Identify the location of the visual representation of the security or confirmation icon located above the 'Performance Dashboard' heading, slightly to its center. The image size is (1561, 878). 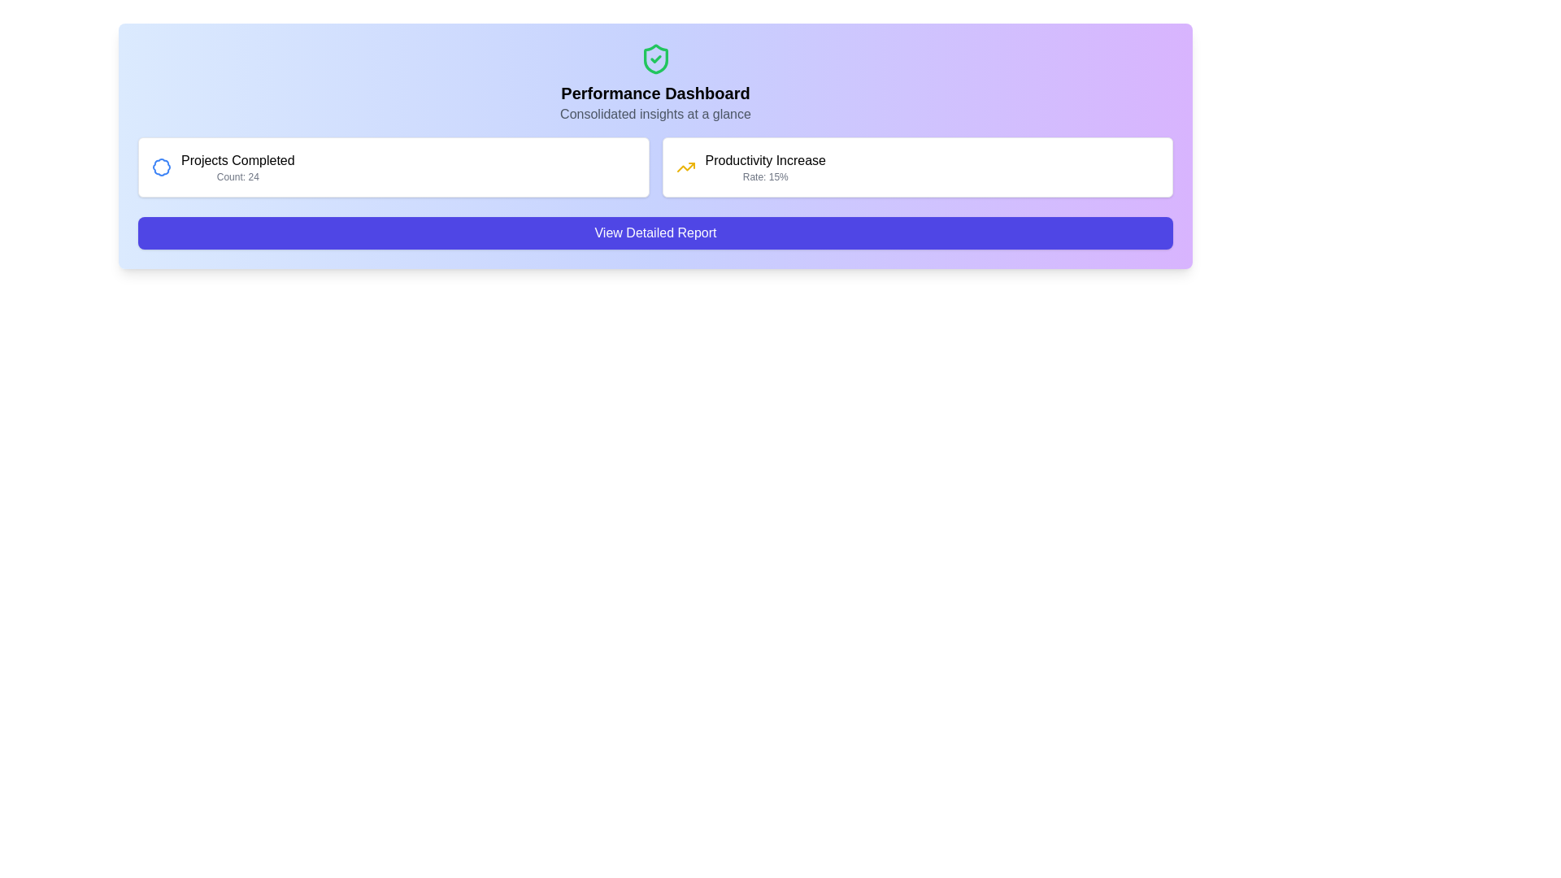
(655, 59).